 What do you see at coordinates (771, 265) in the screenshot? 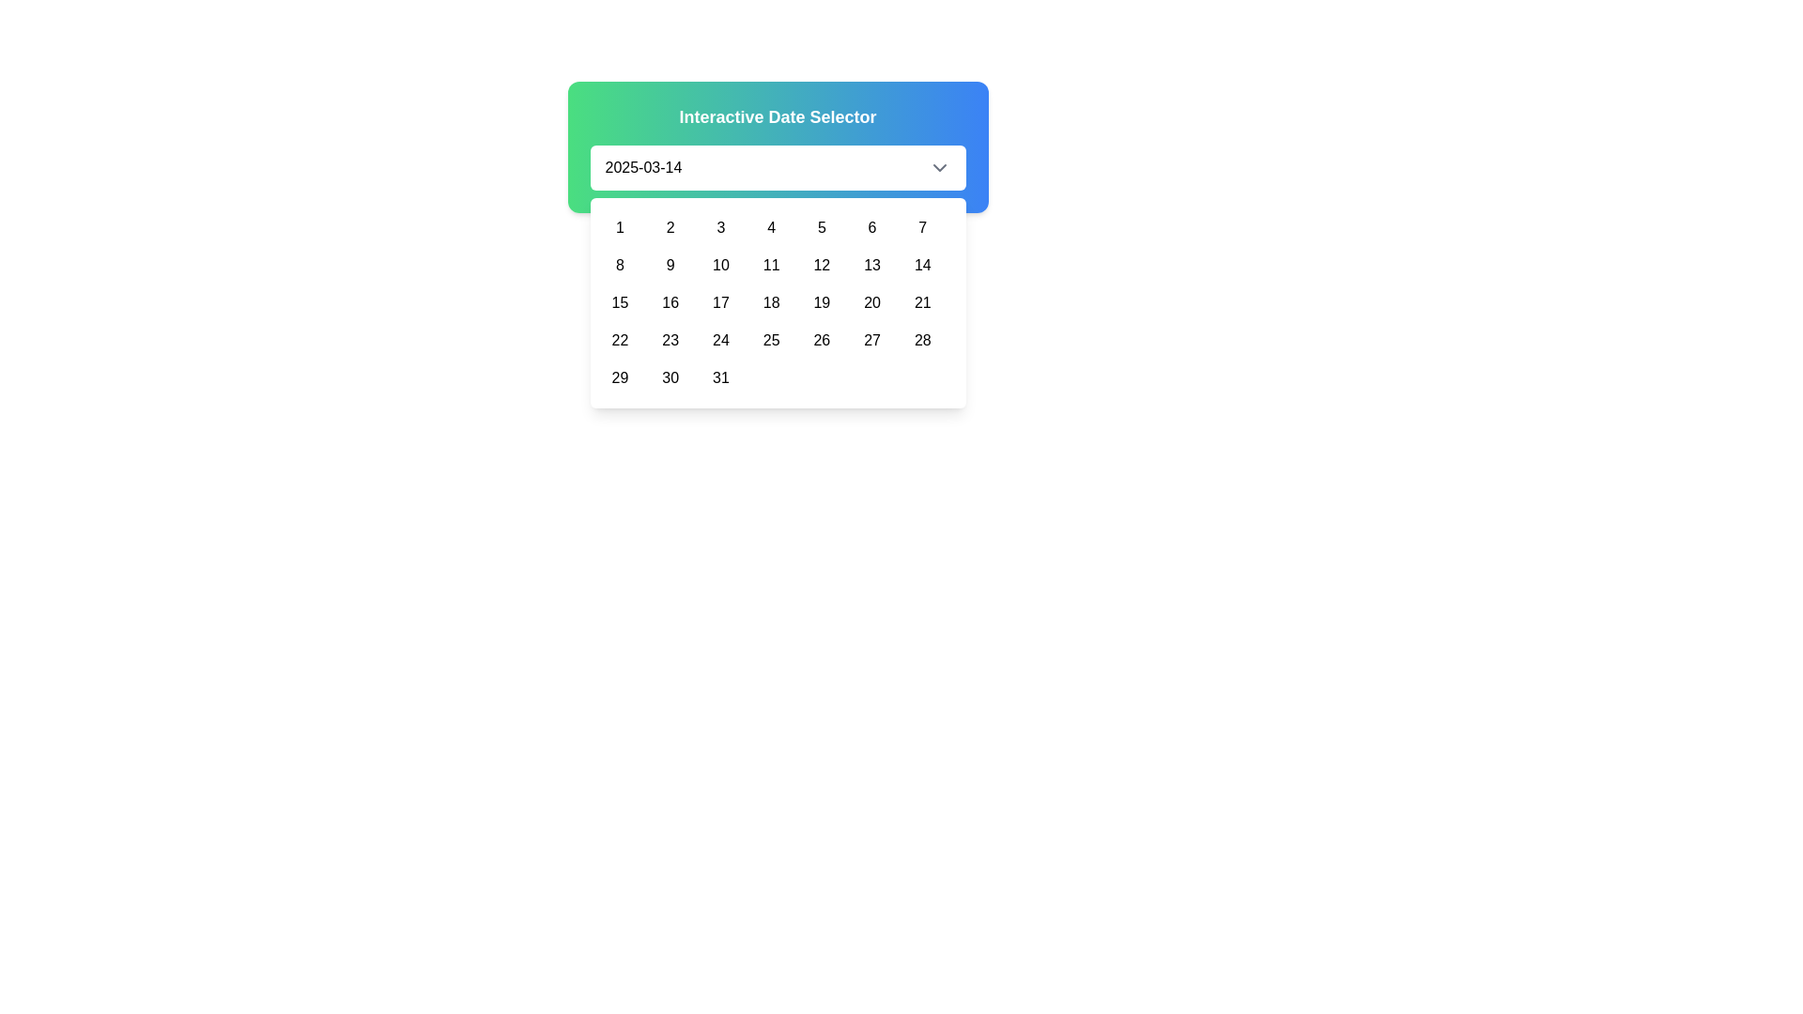
I see `the button` at bounding box center [771, 265].